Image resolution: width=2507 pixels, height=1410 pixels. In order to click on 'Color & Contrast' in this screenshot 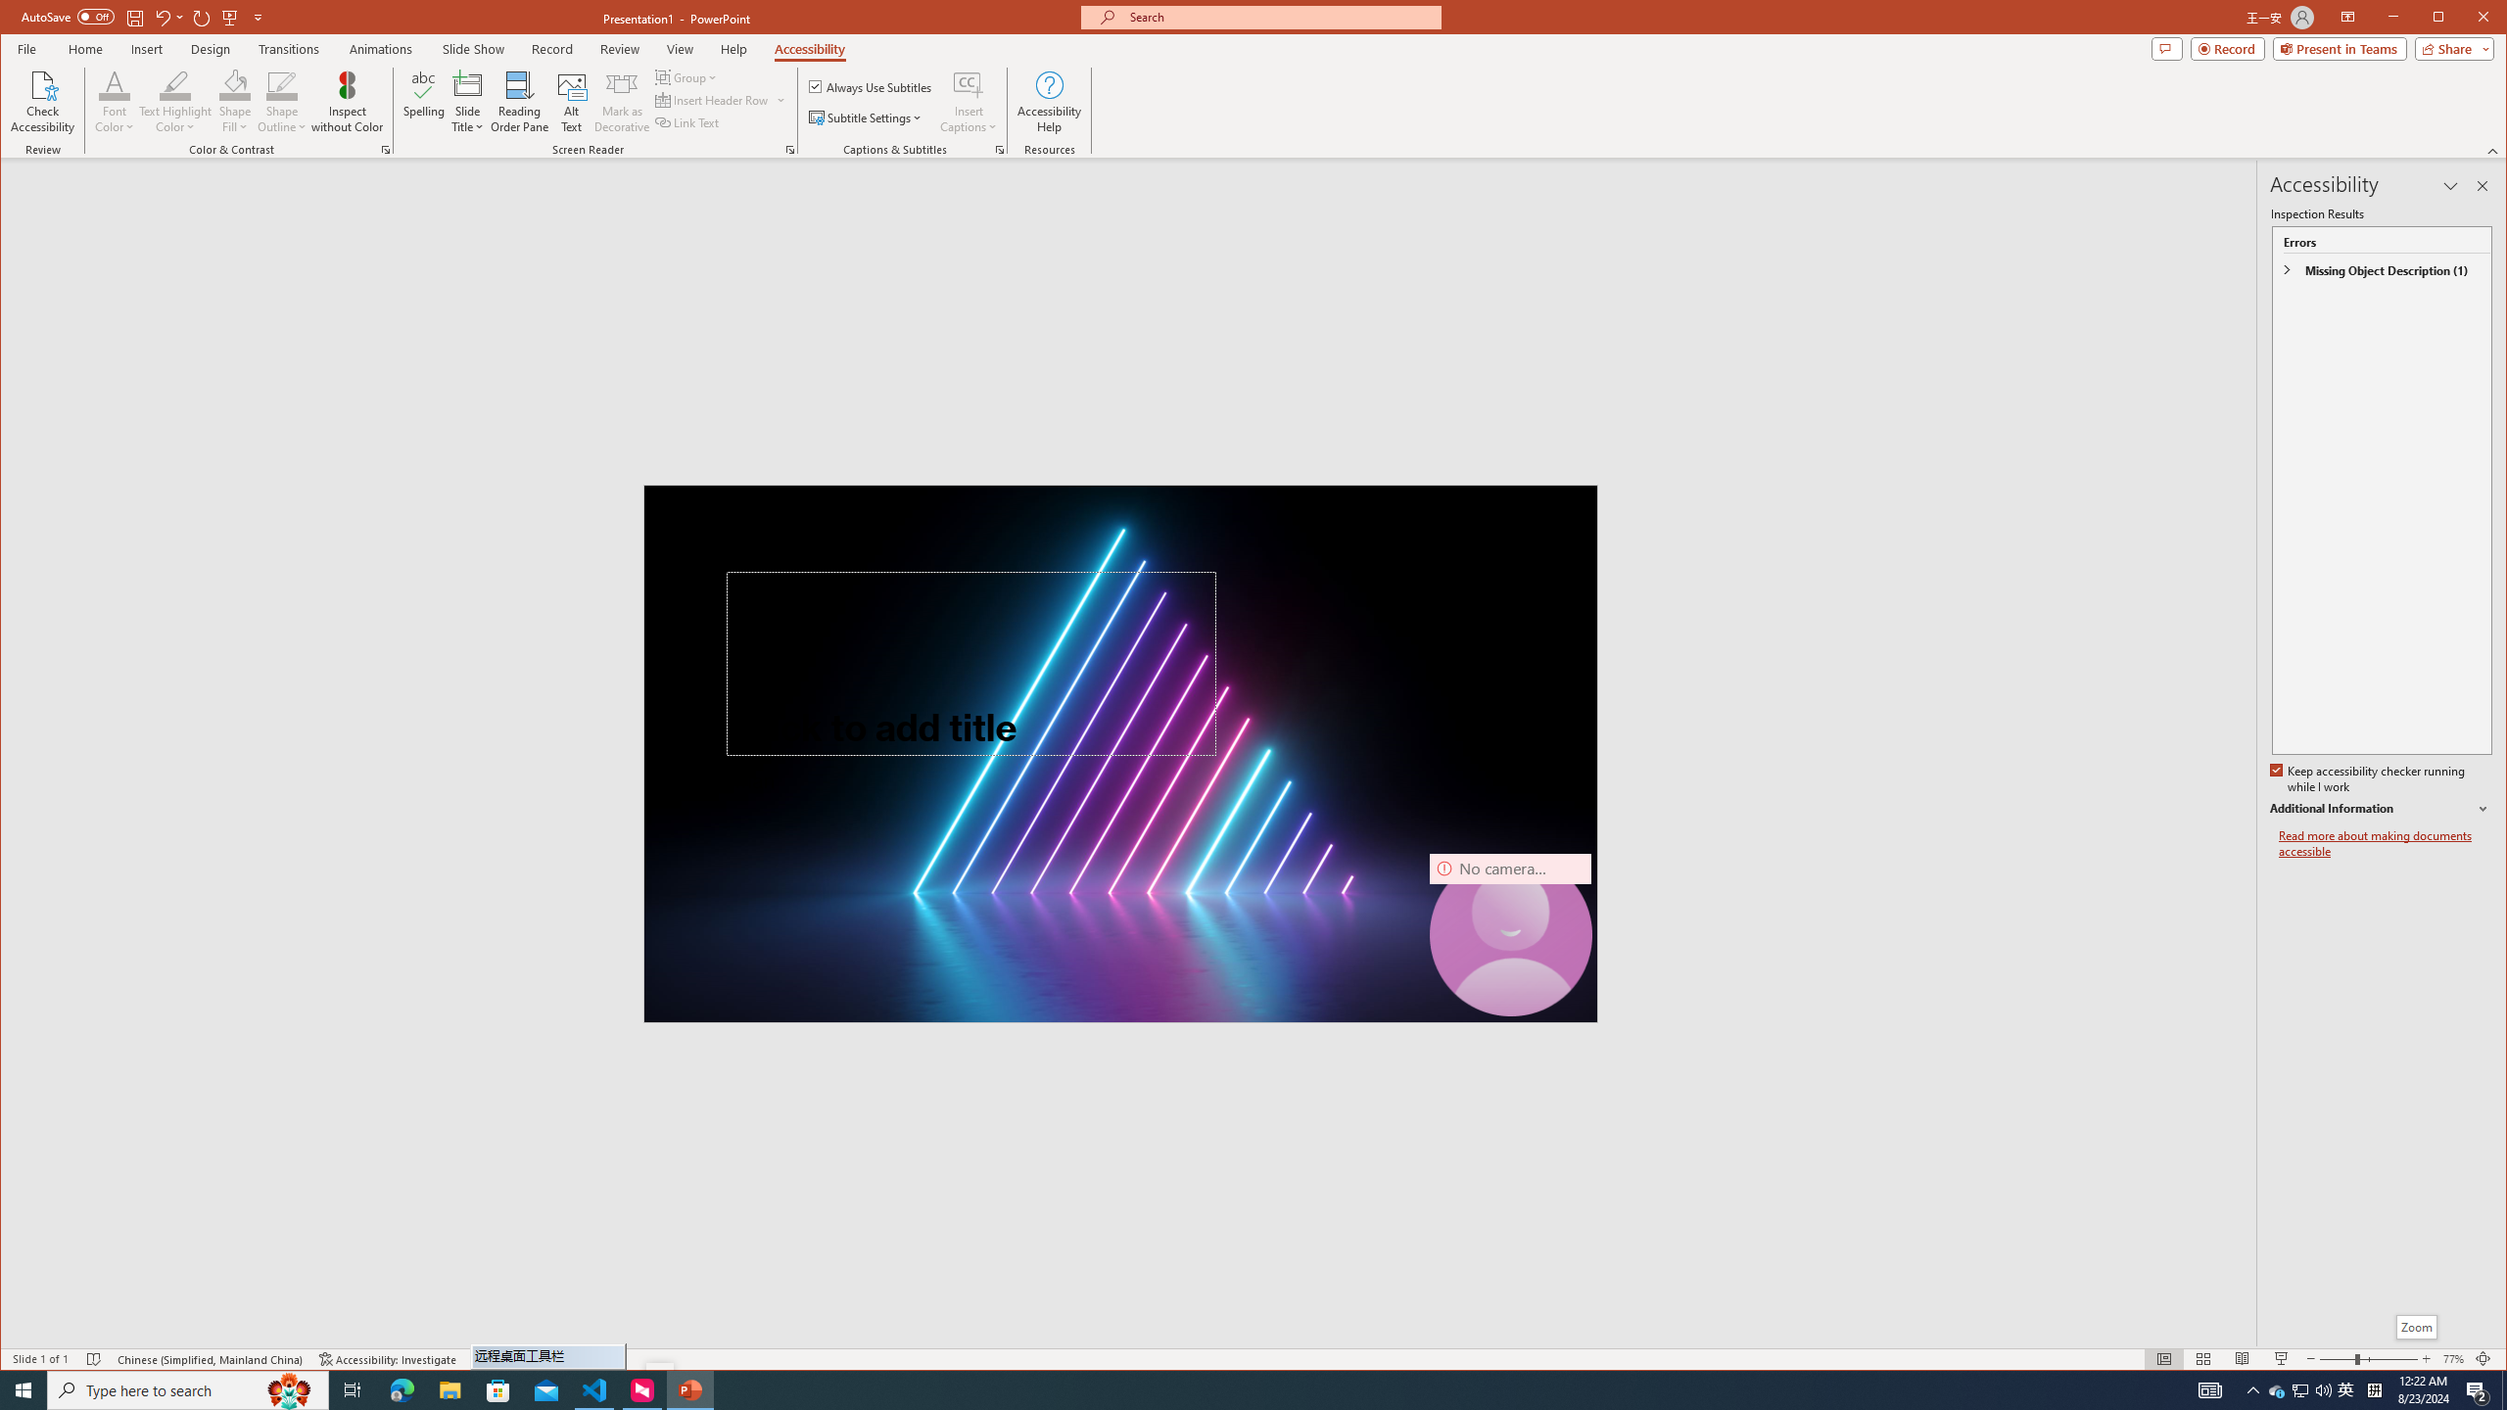, I will do `click(386, 150)`.